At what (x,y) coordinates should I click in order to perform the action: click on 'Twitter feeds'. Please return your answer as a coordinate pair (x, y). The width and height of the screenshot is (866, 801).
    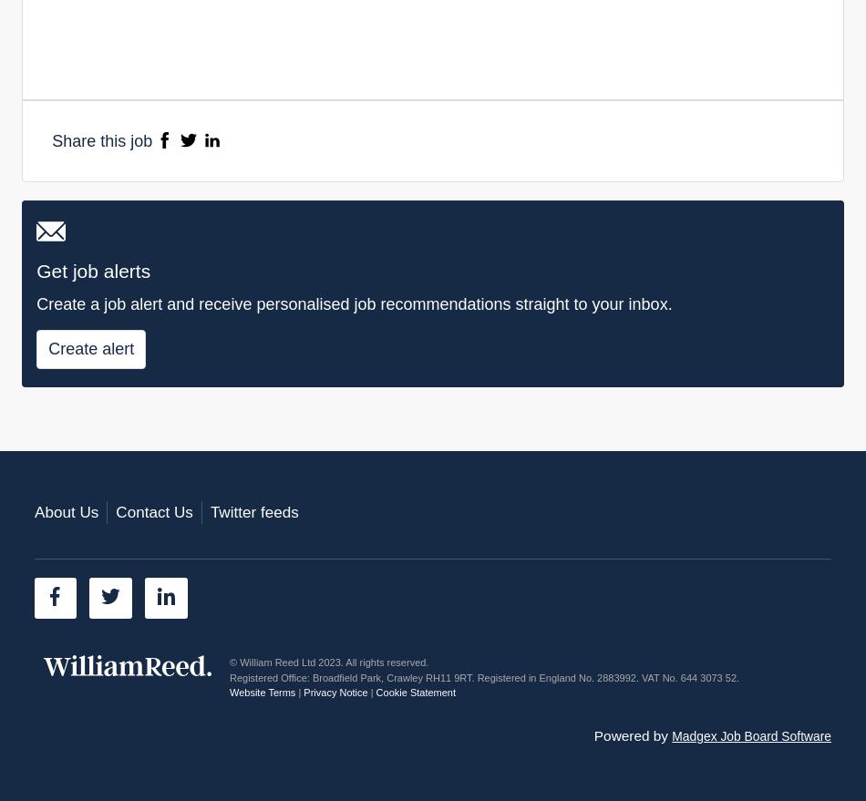
    Looking at the image, I should click on (209, 510).